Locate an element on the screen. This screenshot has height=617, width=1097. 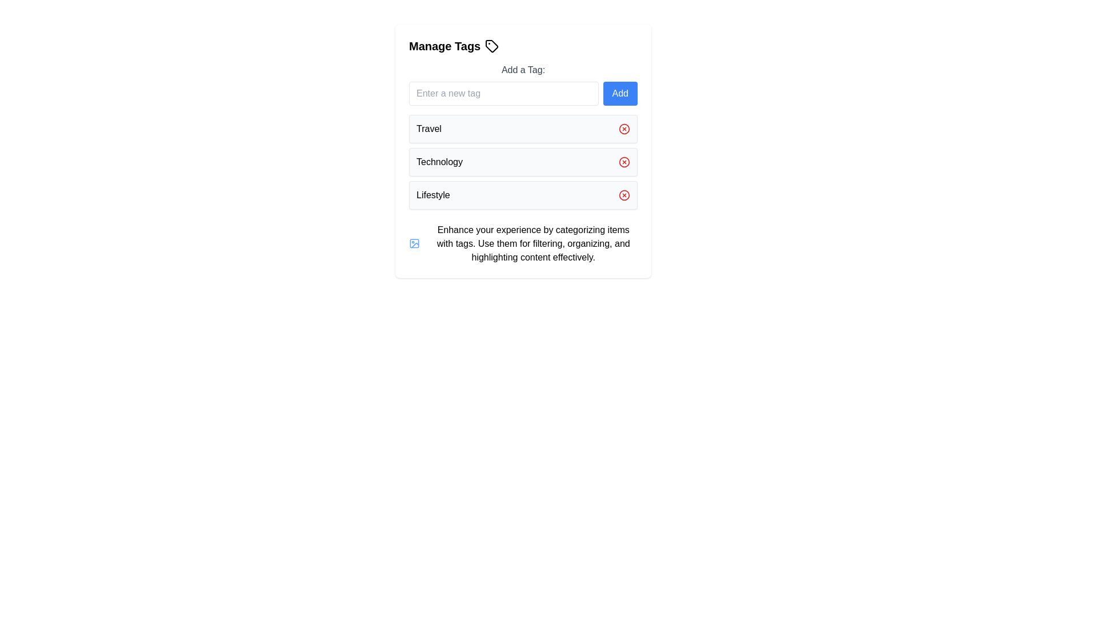
text from the 'Travel' tag label, which is the first item in the vertical list of tags under the 'Manage Tags' section is located at coordinates (428, 129).